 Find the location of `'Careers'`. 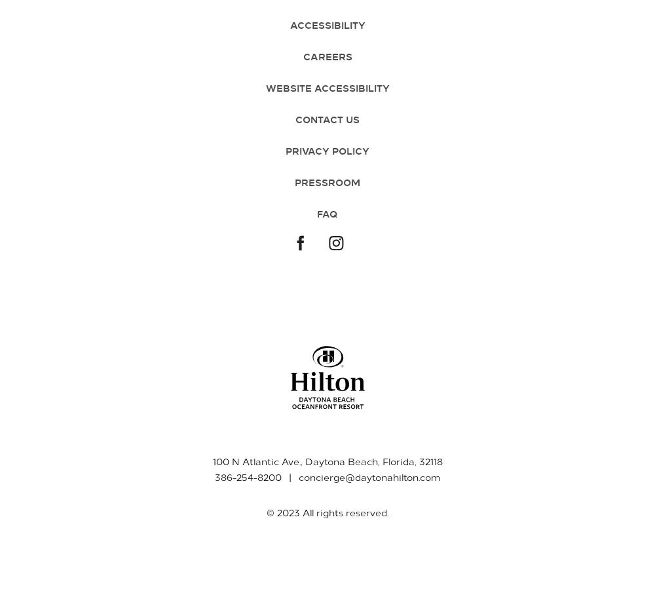

'Careers' is located at coordinates (326, 56).